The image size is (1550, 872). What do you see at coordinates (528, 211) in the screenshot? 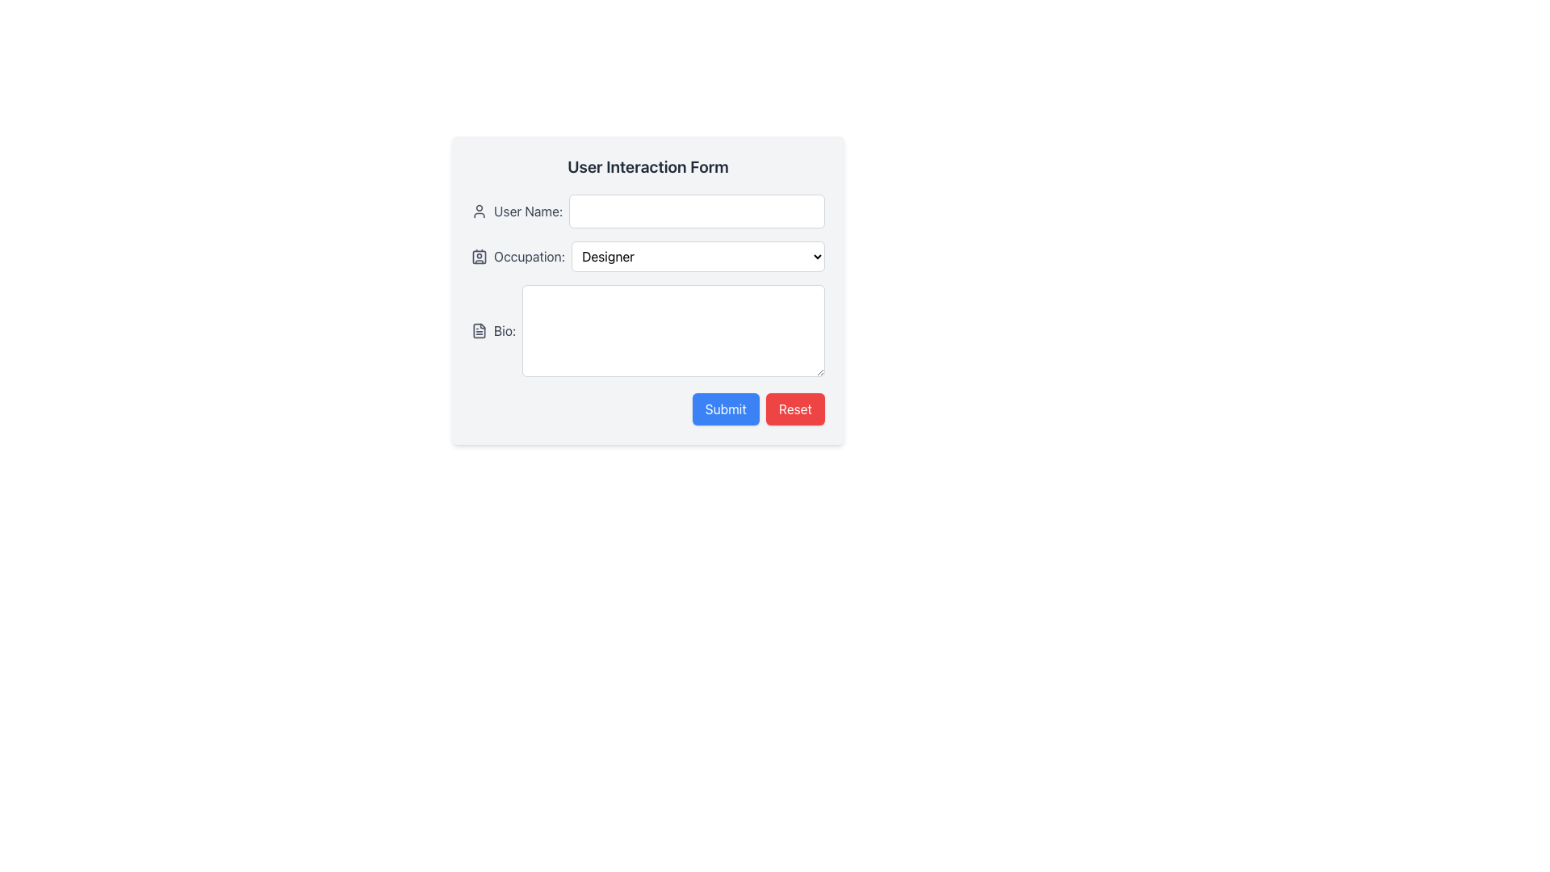
I see `the text label that reads 'User Name:' which is styled in gray and positioned to the right of a user icon graphic in the top left section of the form` at bounding box center [528, 211].